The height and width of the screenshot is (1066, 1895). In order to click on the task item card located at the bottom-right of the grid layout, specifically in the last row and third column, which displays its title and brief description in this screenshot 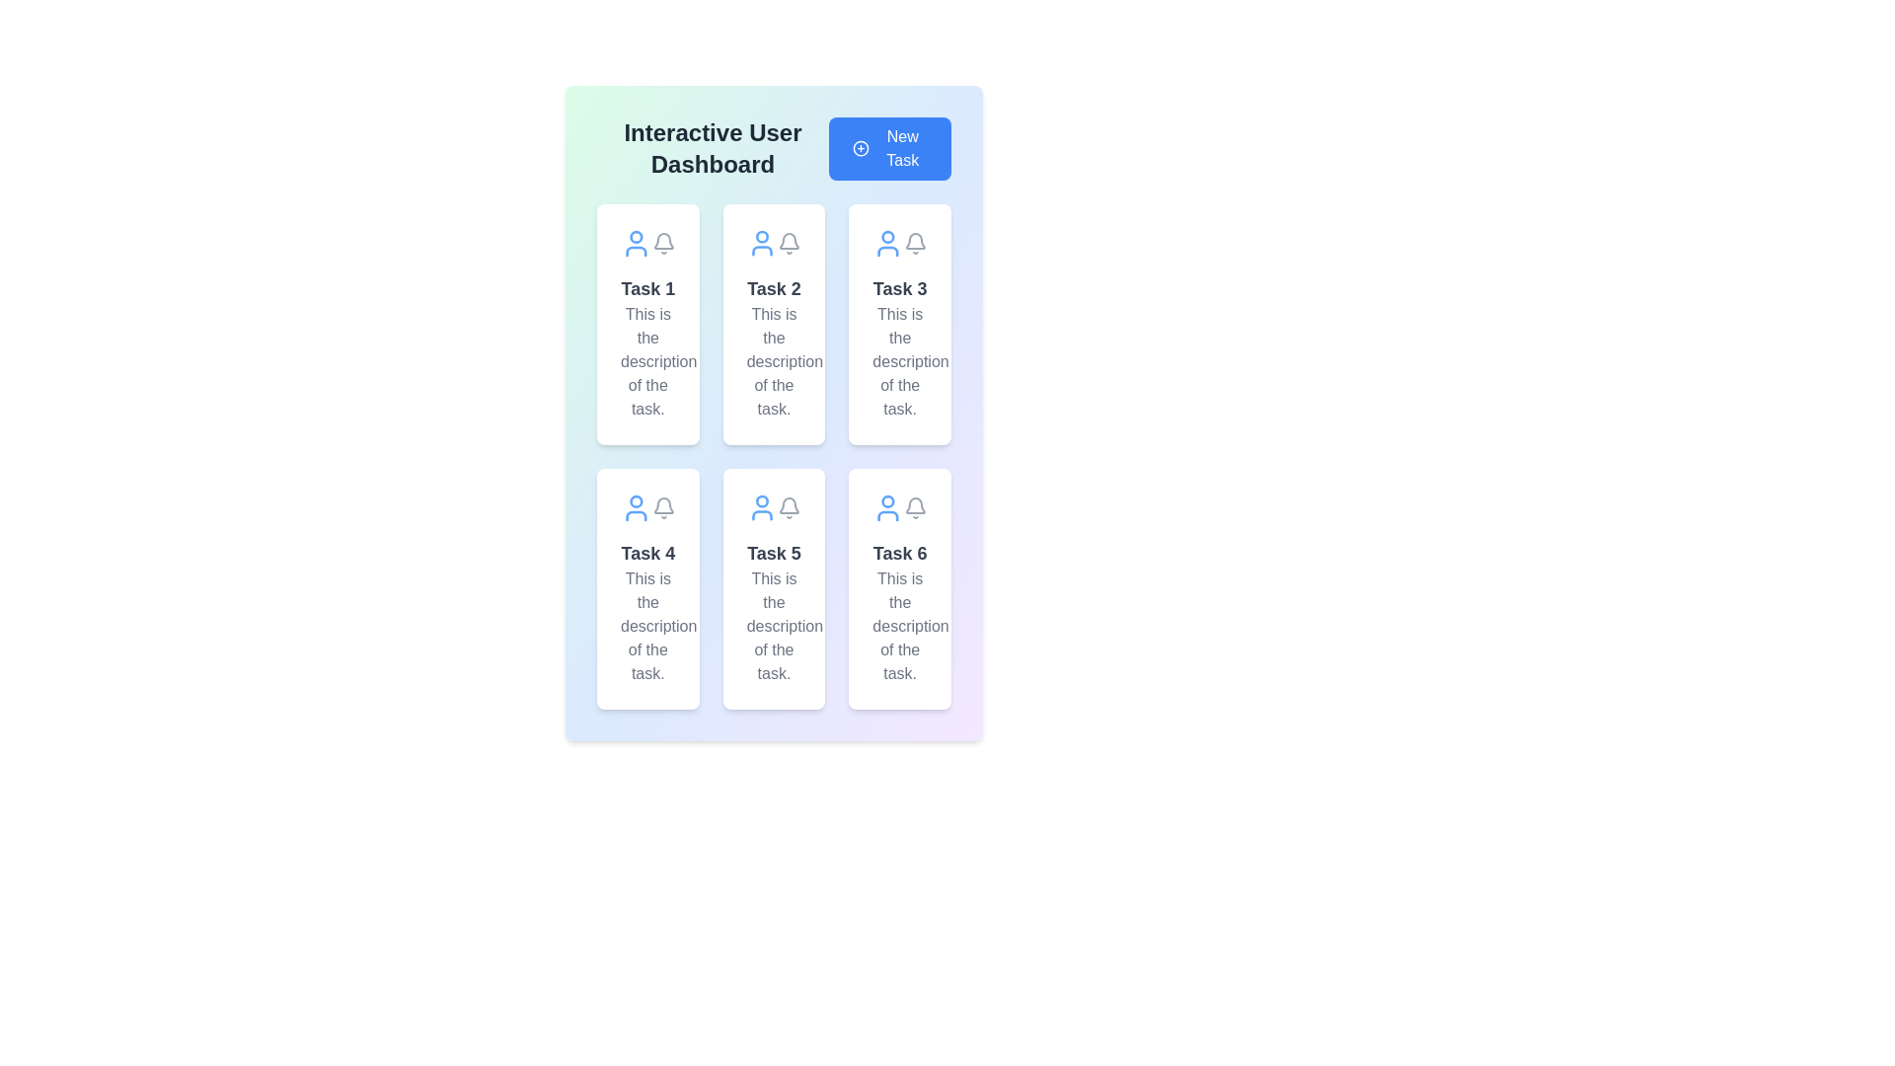, I will do `click(899, 588)`.